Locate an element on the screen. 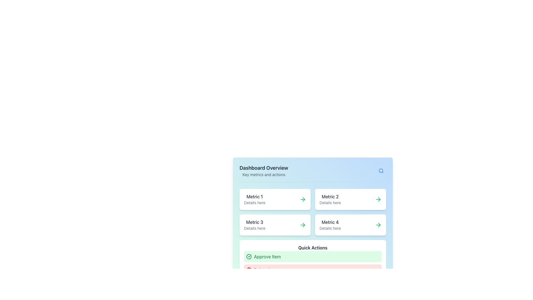  the circular green checkmark icon located to the left of the 'Approve Item' text within the 'Quick Actions' section is located at coordinates (249, 257).